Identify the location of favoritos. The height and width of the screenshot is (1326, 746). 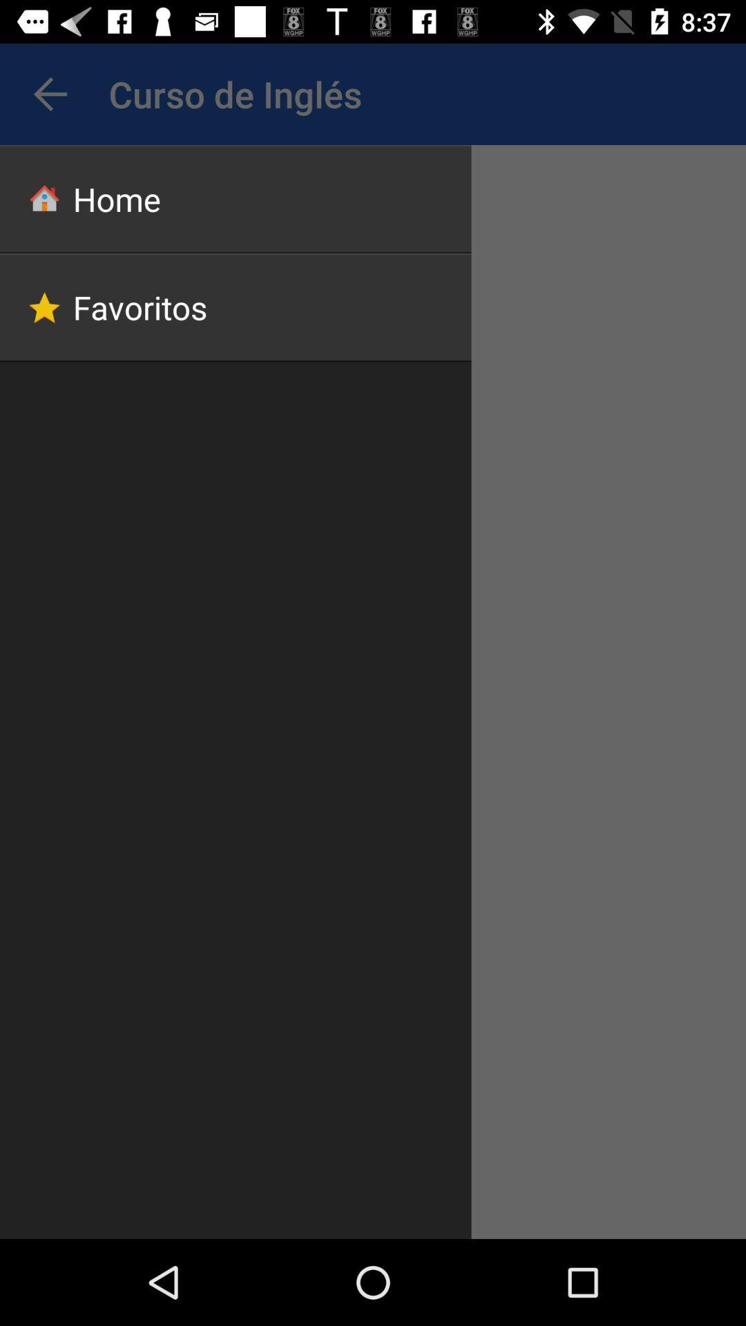
(235, 307).